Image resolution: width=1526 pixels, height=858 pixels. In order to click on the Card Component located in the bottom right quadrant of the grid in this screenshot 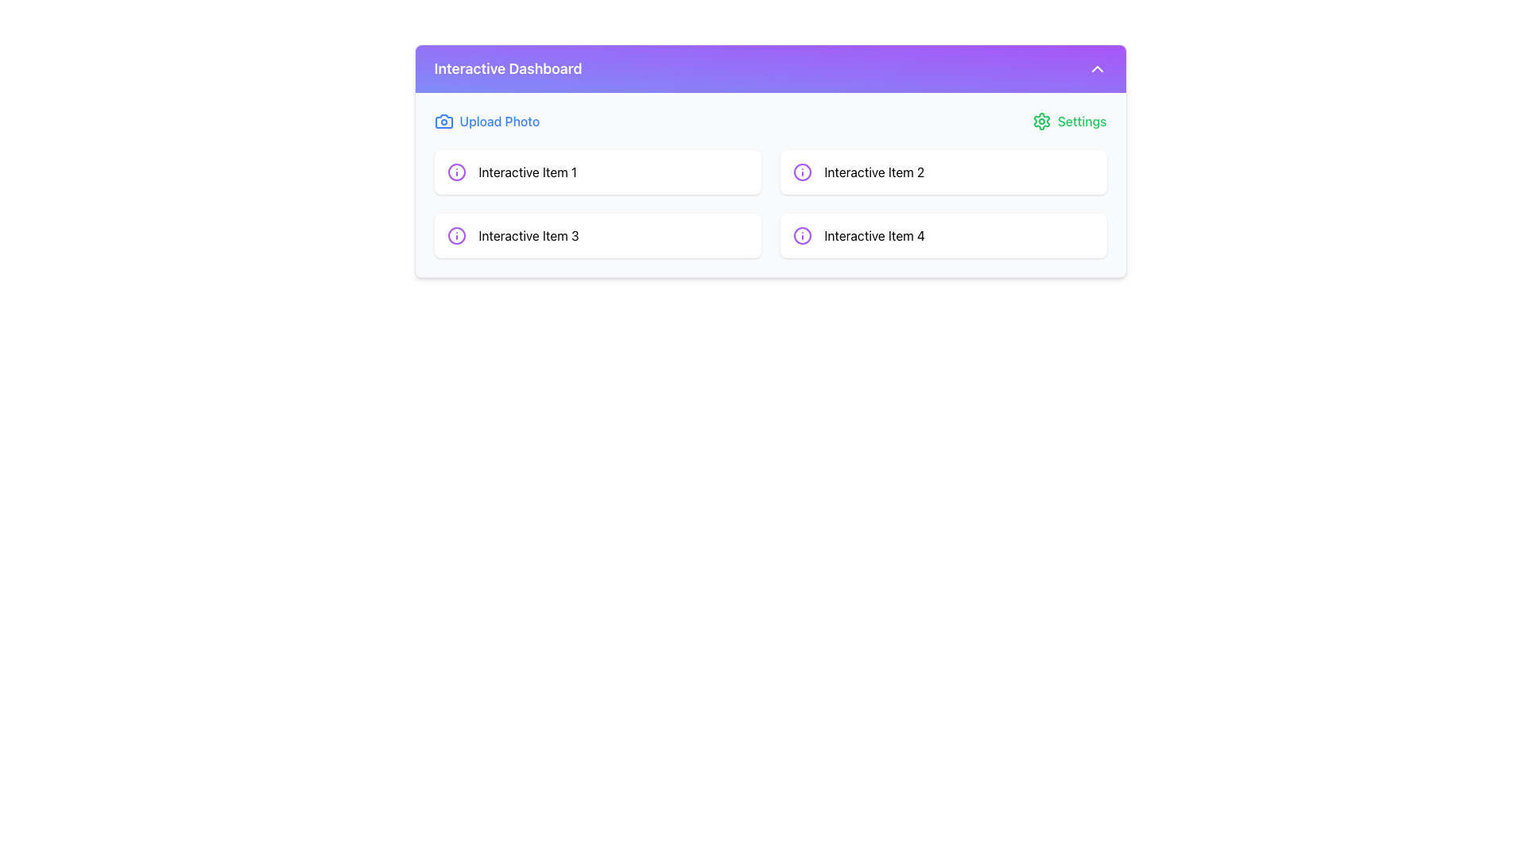, I will do `click(943, 236)`.